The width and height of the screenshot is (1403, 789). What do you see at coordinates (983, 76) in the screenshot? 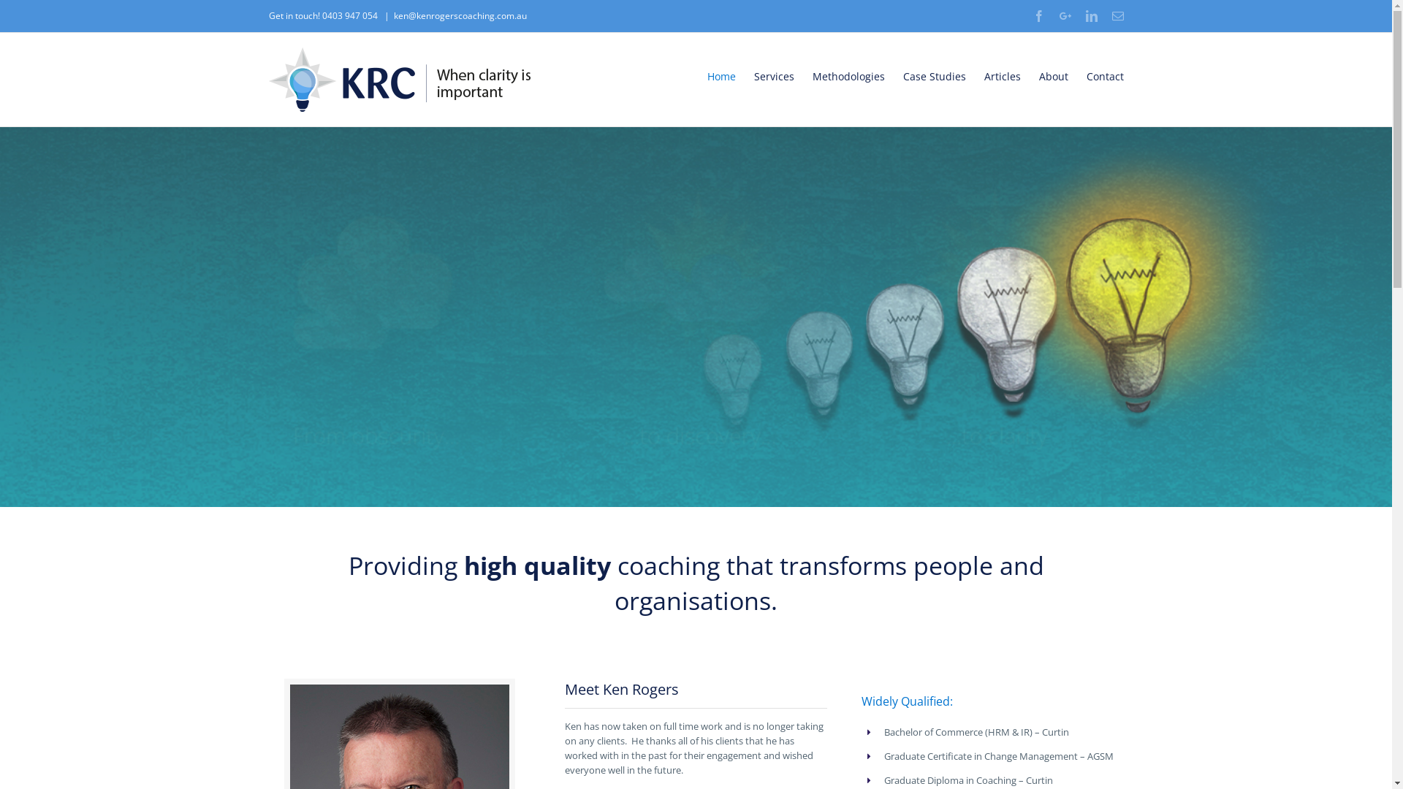
I see `'Articles'` at bounding box center [983, 76].